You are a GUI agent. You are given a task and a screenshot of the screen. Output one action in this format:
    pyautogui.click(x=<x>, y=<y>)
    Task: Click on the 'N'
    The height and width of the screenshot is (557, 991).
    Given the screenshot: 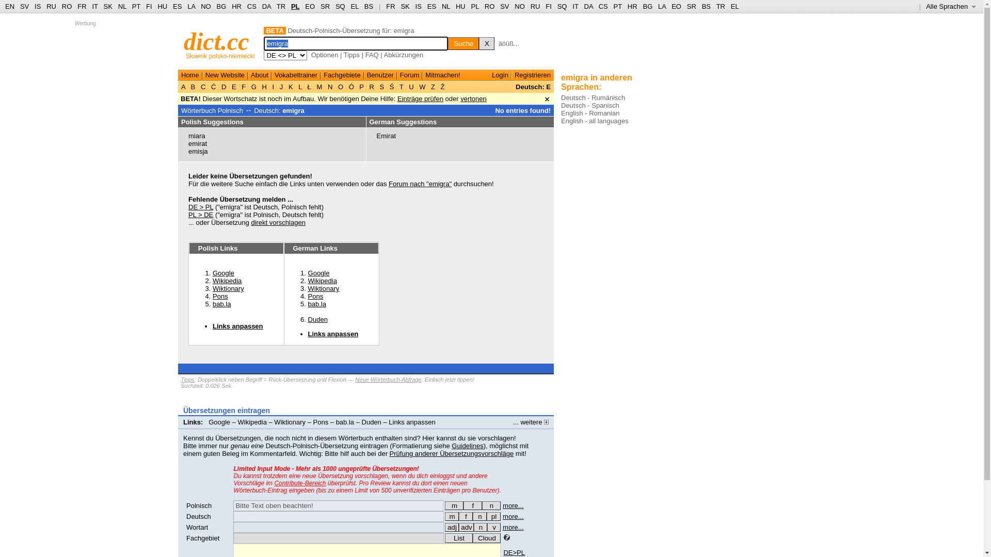 What is the action you would take?
    pyautogui.click(x=329, y=86)
    